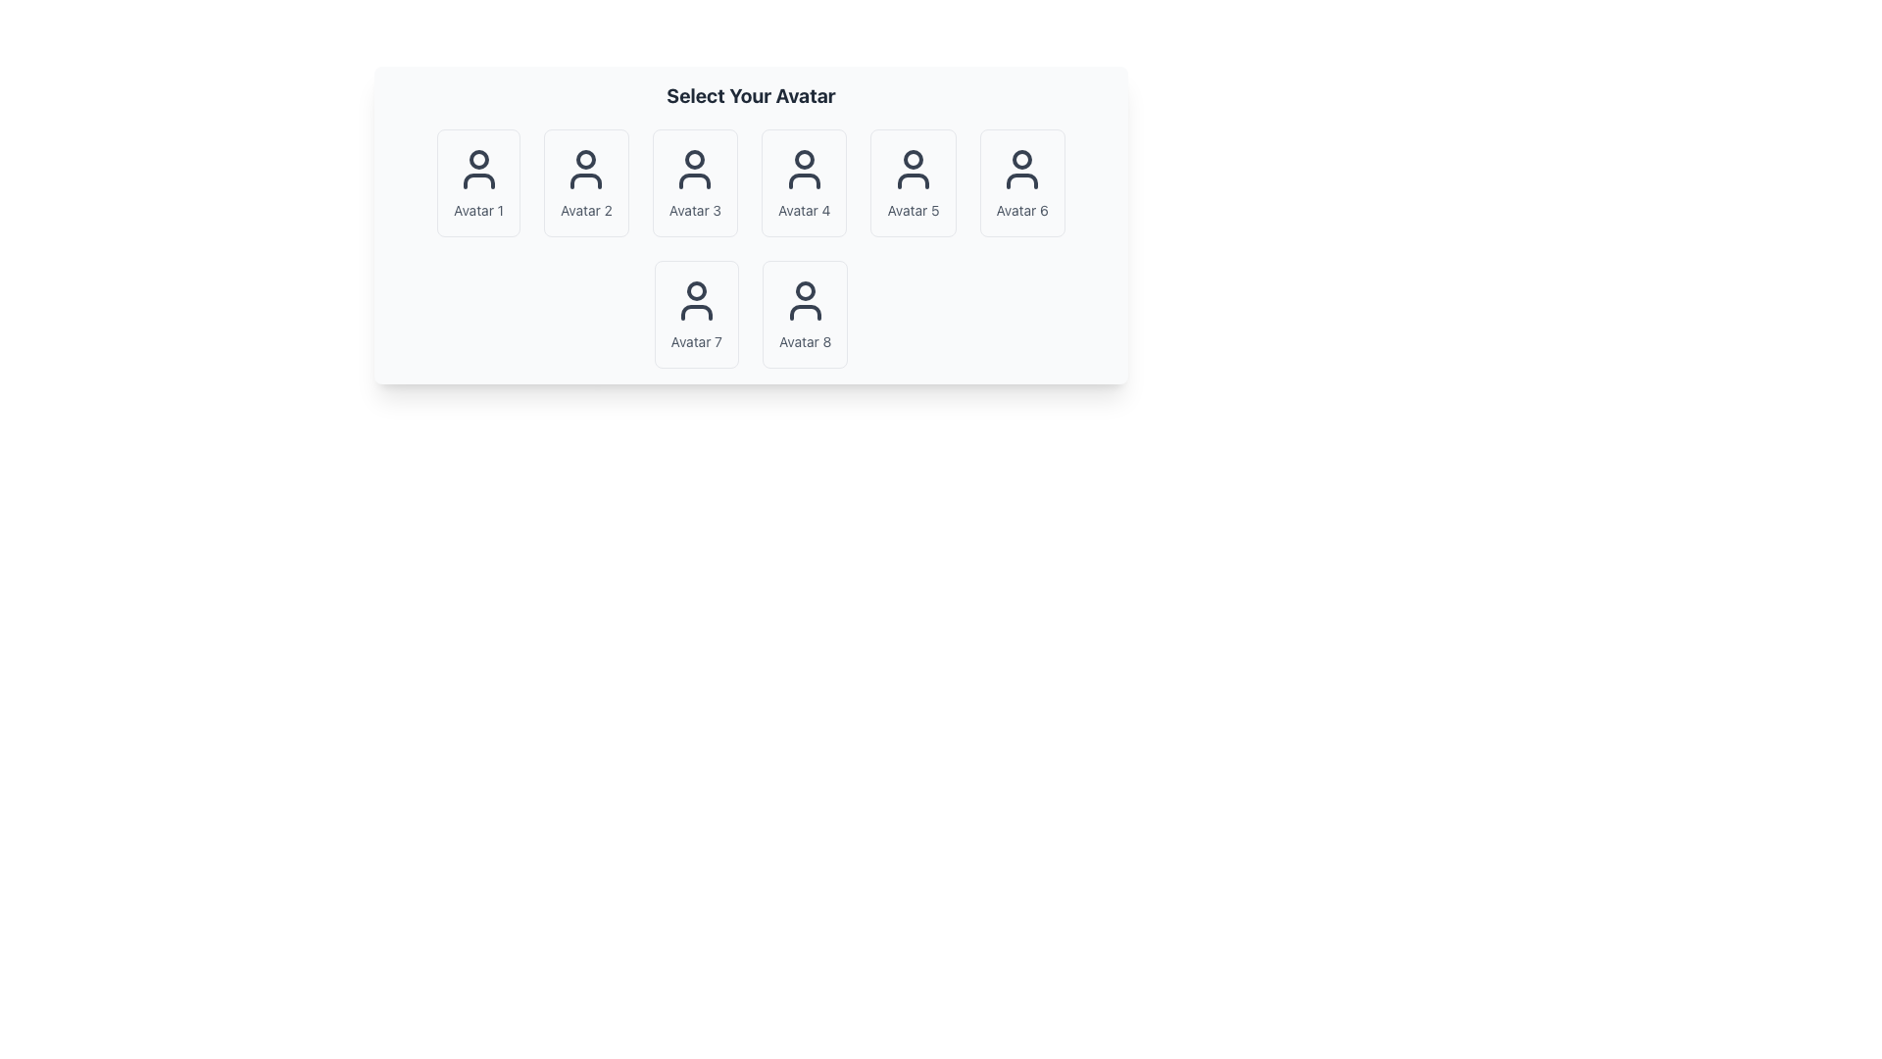 The image size is (1882, 1059). What do you see at coordinates (805, 313) in the screenshot?
I see `the 'Avatar 8' selection card` at bounding box center [805, 313].